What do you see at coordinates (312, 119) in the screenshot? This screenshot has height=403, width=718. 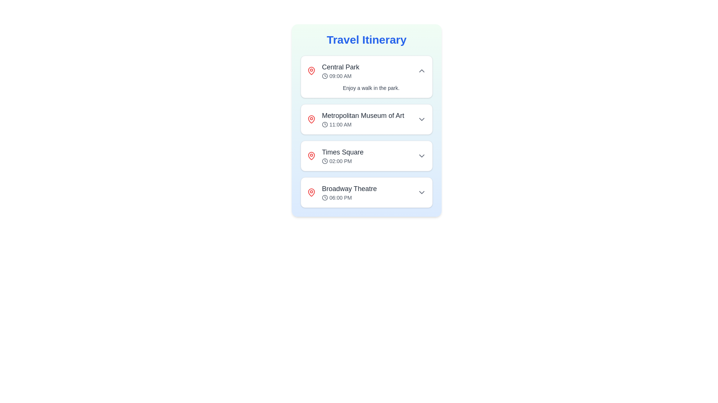 I see `the icon located at the top-left corner of the 'Metropolitan Museum of Art' itinerary card, positioned immediately to the left of the title text` at bounding box center [312, 119].